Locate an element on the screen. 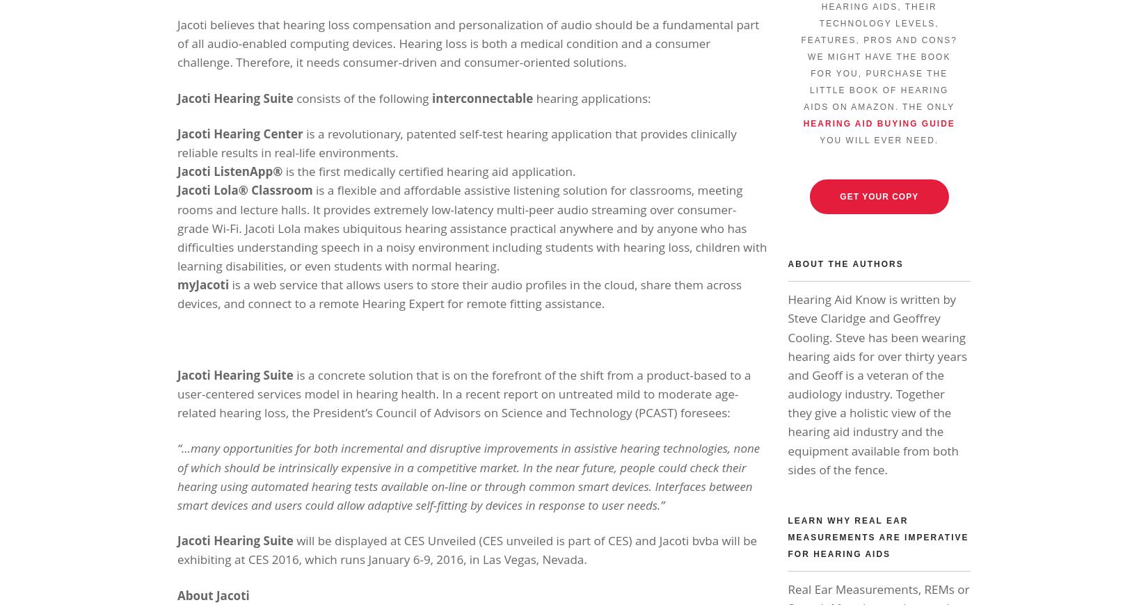 Image resolution: width=1148 pixels, height=605 pixels. 'About Jacoti' is located at coordinates (213, 595).